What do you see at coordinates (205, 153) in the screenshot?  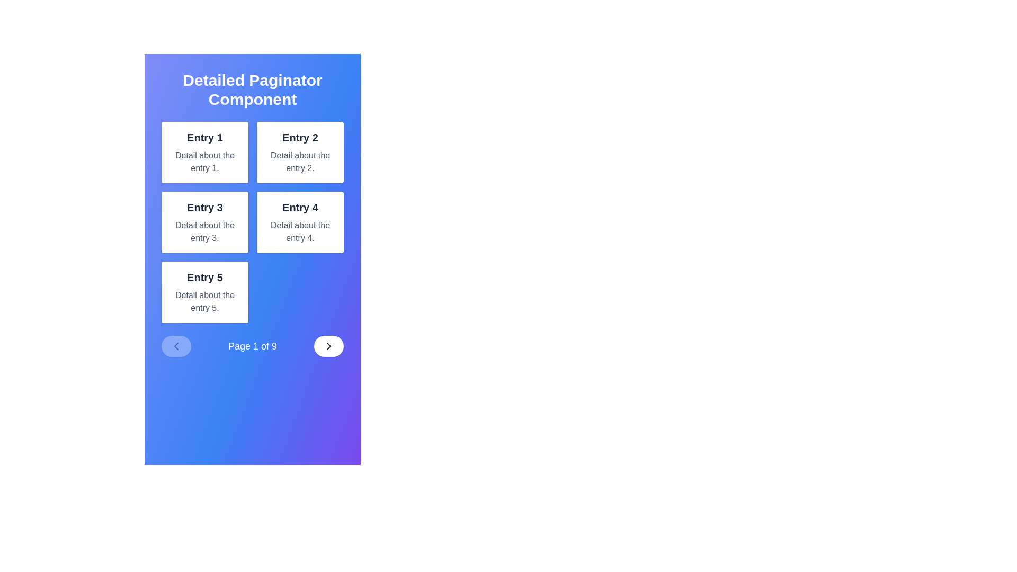 I see `the informational card displaying content related to 'Entry 1', located in the first row and first column of the grid layout` at bounding box center [205, 153].